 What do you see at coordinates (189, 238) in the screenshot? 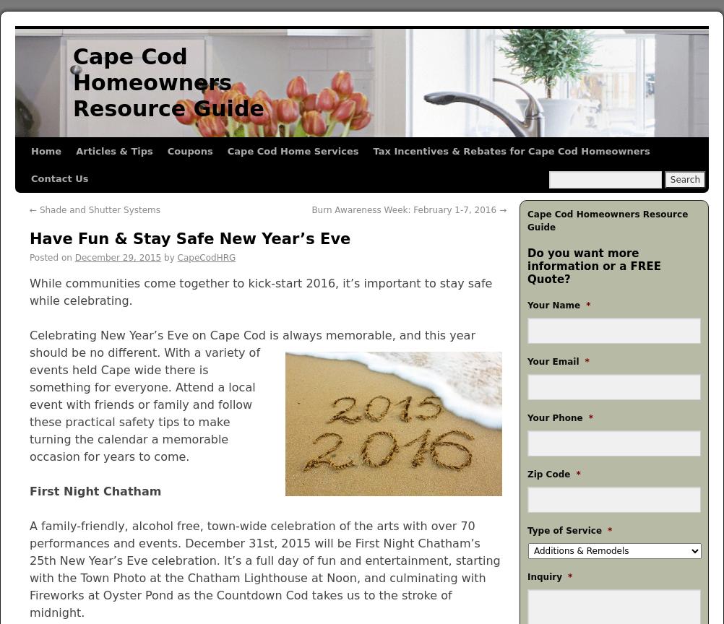
I see `'Have Fun & Stay Safe New Year’s Eve'` at bounding box center [189, 238].